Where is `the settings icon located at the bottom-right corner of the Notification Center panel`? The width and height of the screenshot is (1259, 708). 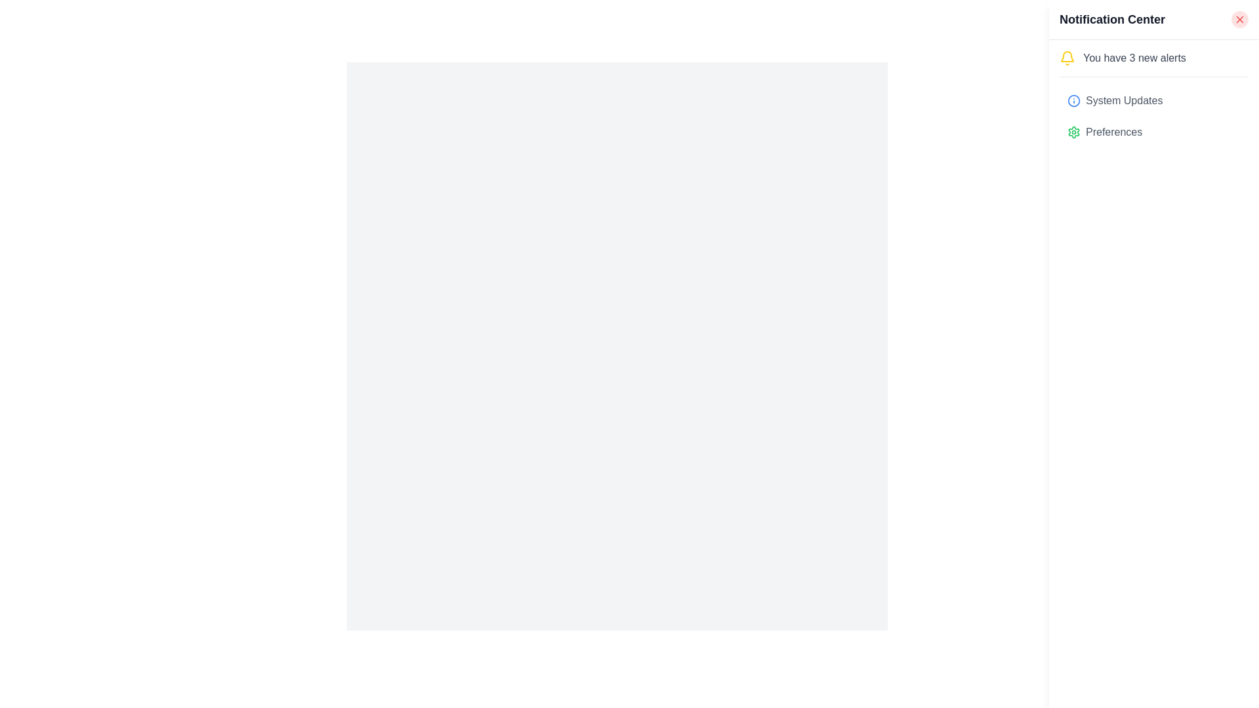
the settings icon located at the bottom-right corner of the Notification Center panel is located at coordinates (1073, 132).